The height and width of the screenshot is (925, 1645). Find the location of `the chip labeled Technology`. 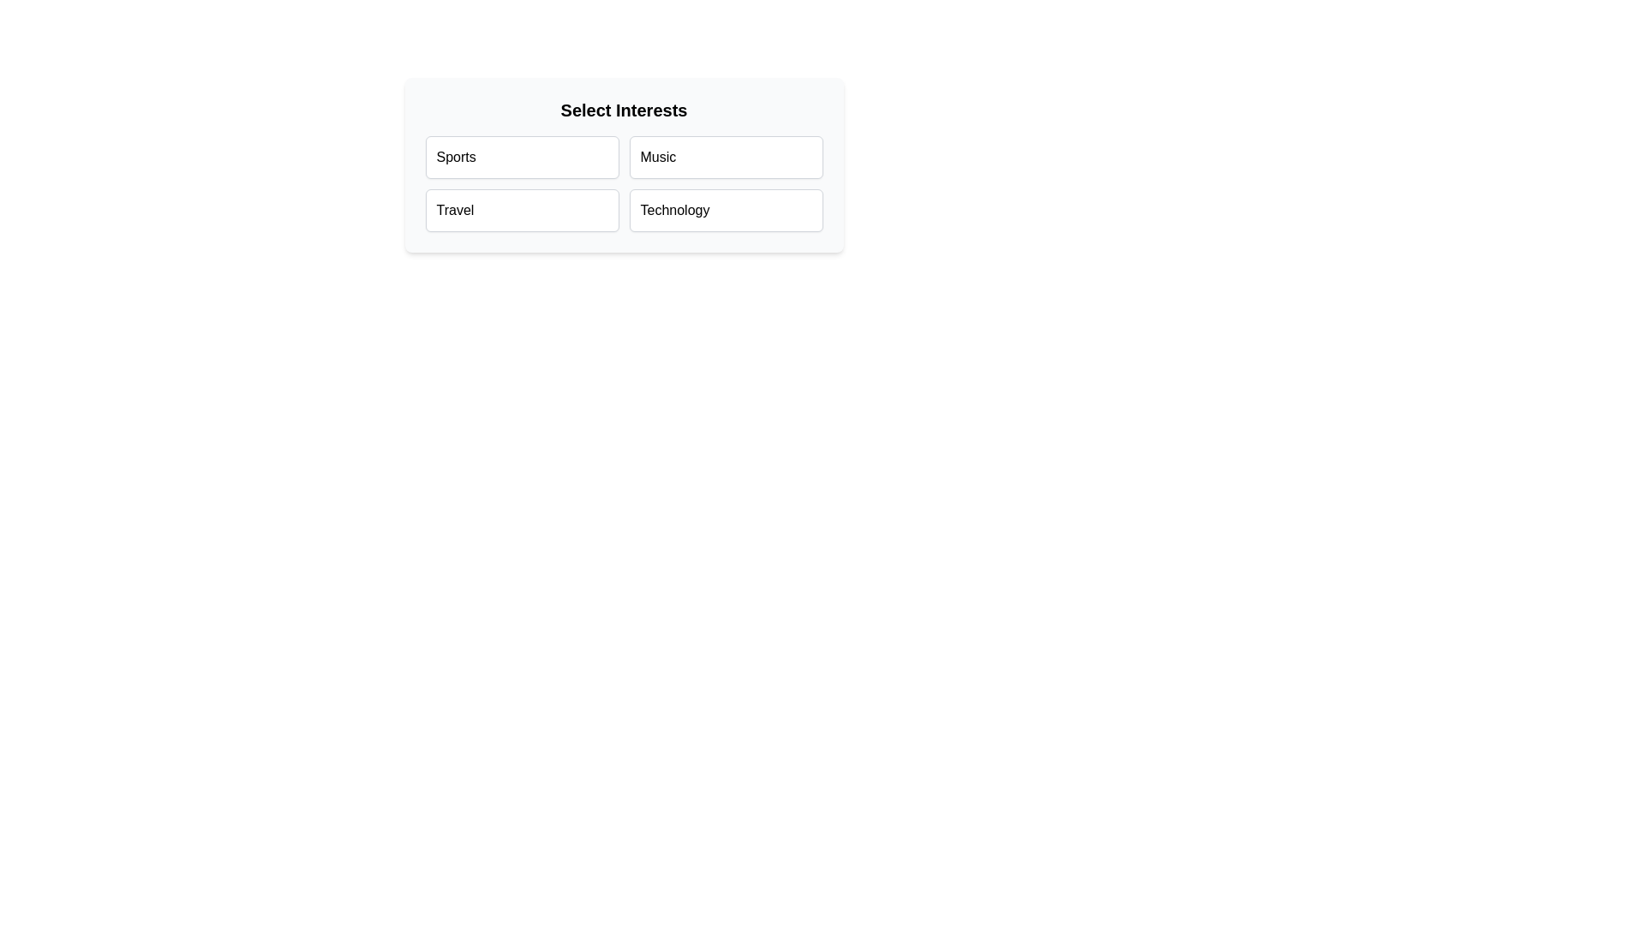

the chip labeled Technology is located at coordinates (726, 210).